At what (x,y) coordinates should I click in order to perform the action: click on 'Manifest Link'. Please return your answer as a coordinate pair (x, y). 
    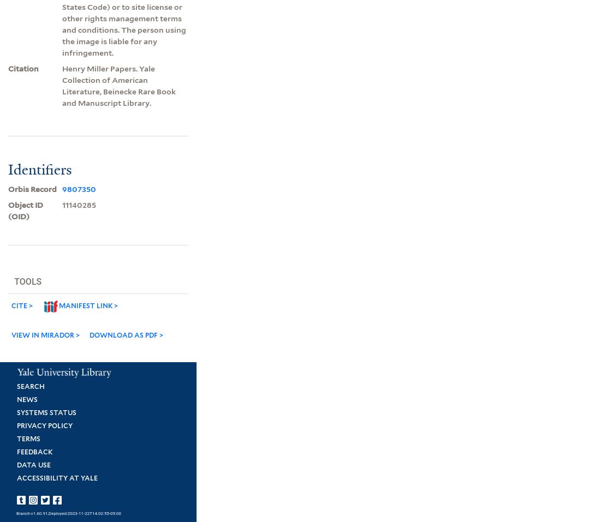
    Looking at the image, I should click on (85, 305).